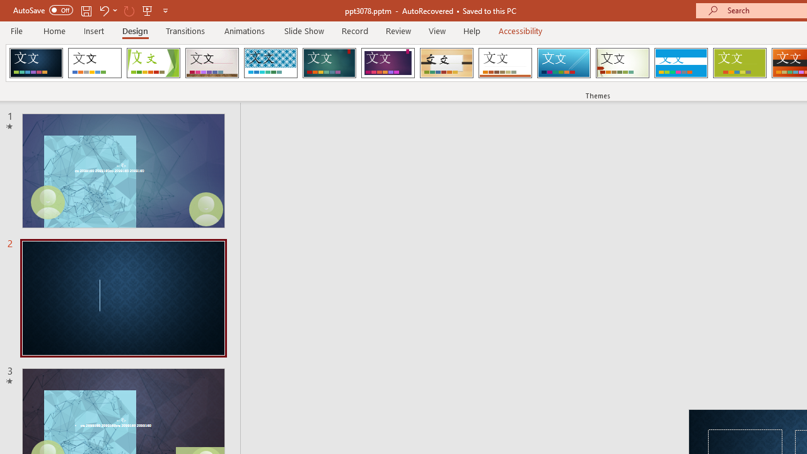  I want to click on 'Integral', so click(270, 63).